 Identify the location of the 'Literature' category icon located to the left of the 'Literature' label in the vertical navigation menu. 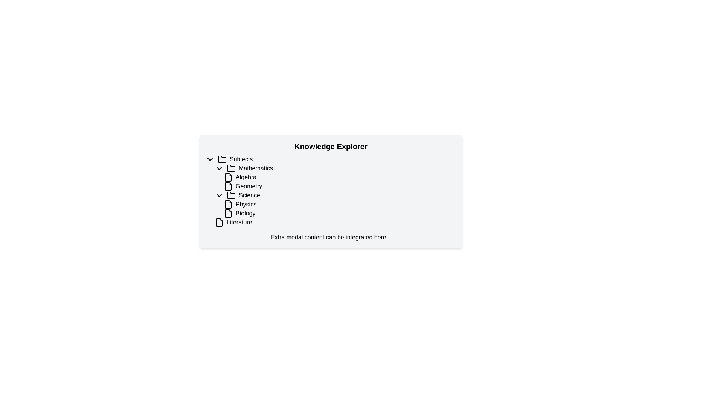
(218, 222).